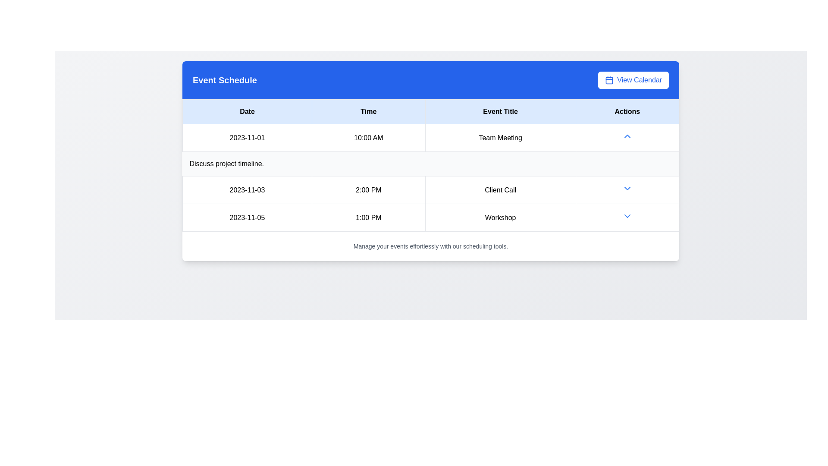 The height and width of the screenshot is (466, 828). What do you see at coordinates (609, 80) in the screenshot?
I see `the calendar icon styled as an SVG graphic, which has a minimalistic line design and is located to the left of the 'View Calendar' label in the button at the top-right corner of the interface` at bounding box center [609, 80].